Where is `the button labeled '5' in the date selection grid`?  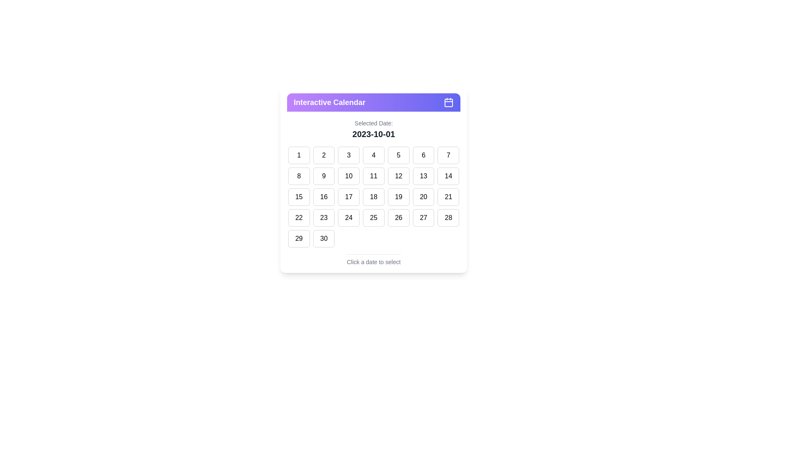
the button labeled '5' in the date selection grid is located at coordinates (398, 155).